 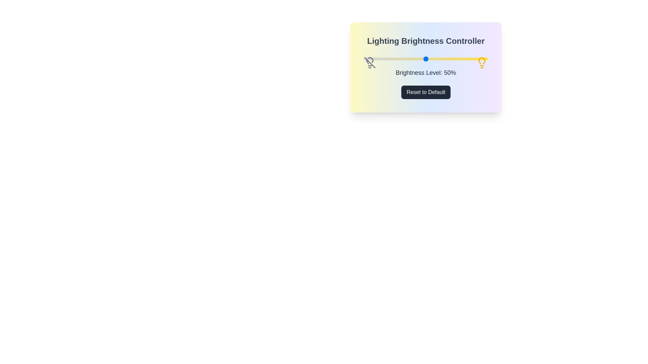 I want to click on the brightness slider to 50%, so click(x=426, y=58).